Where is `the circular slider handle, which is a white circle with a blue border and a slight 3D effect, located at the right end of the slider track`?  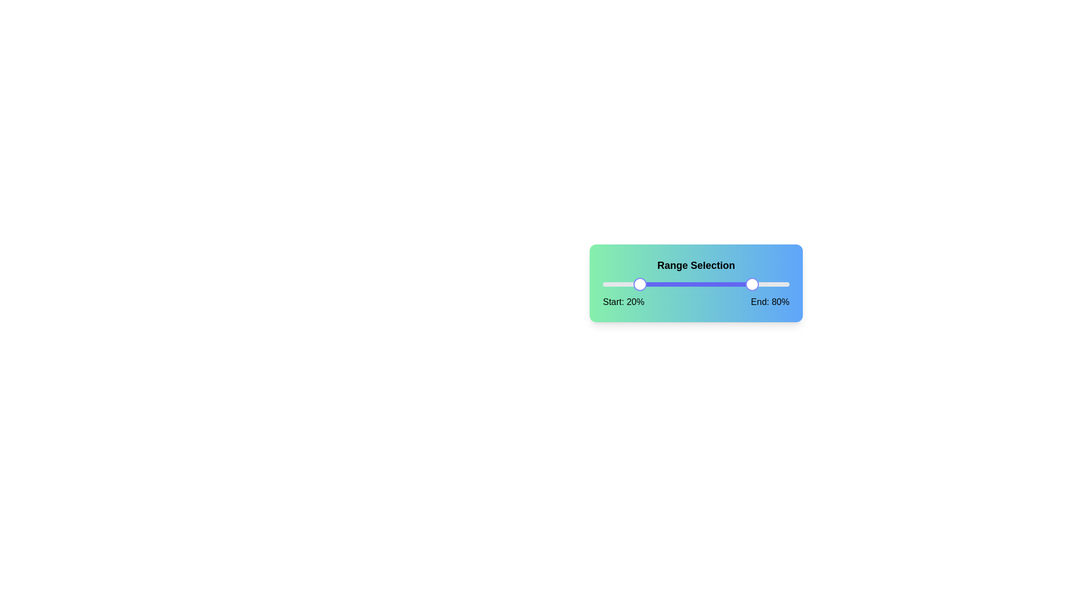 the circular slider handle, which is a white circle with a blue border and a slight 3D effect, located at the right end of the slider track is located at coordinates (752, 284).